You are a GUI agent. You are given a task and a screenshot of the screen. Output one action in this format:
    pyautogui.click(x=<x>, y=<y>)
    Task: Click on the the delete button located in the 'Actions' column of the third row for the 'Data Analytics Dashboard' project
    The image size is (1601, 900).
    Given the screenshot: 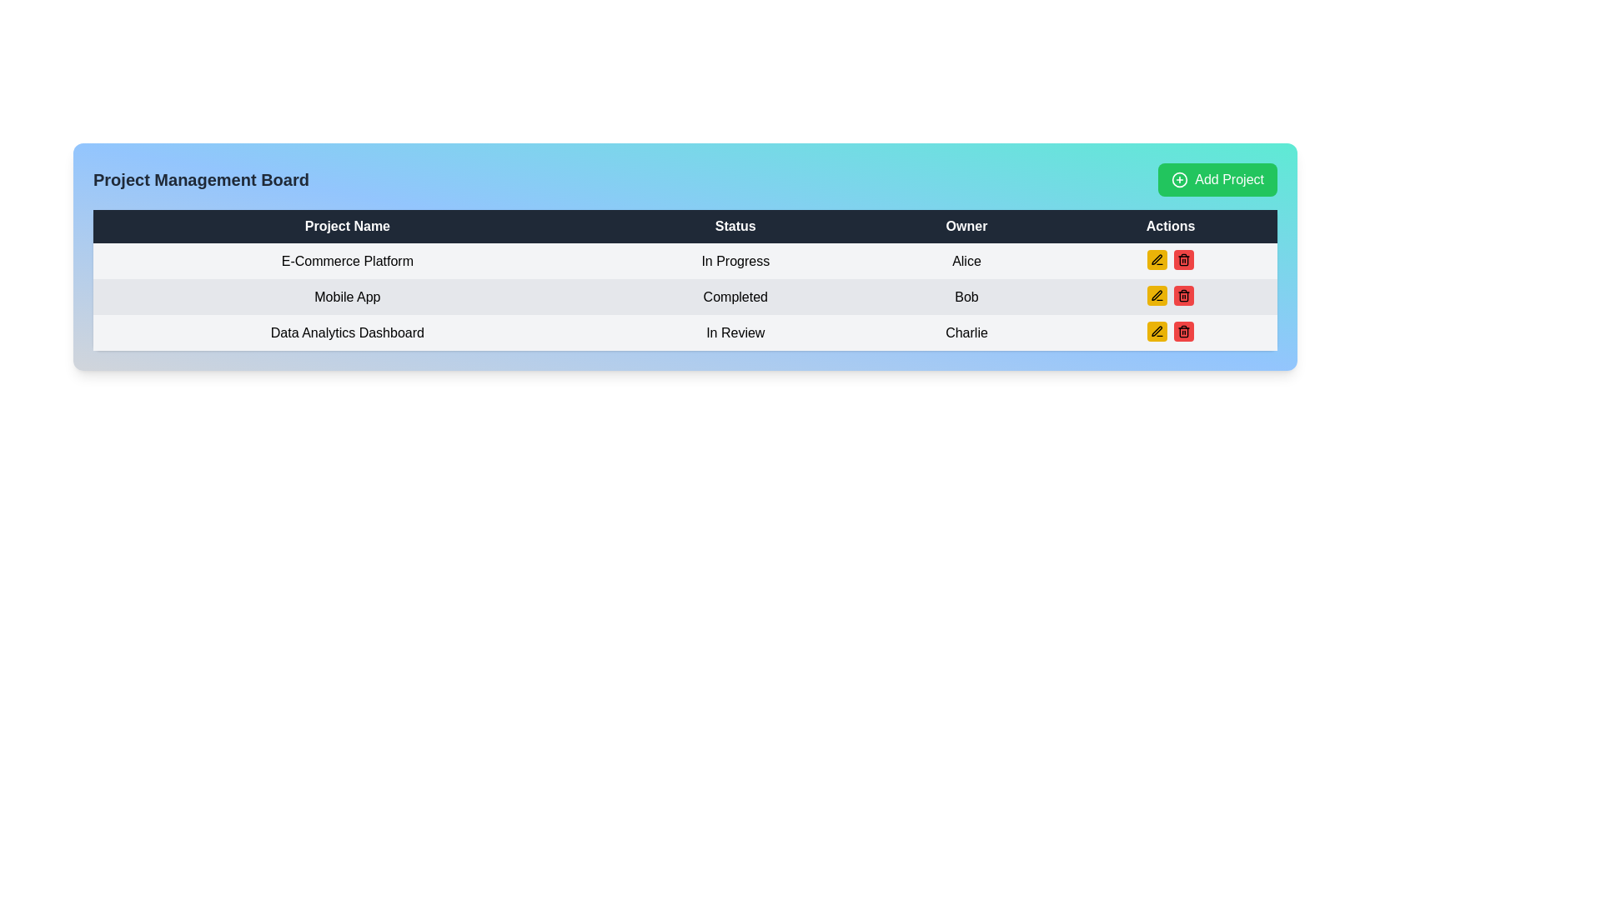 What is the action you would take?
    pyautogui.click(x=1183, y=294)
    